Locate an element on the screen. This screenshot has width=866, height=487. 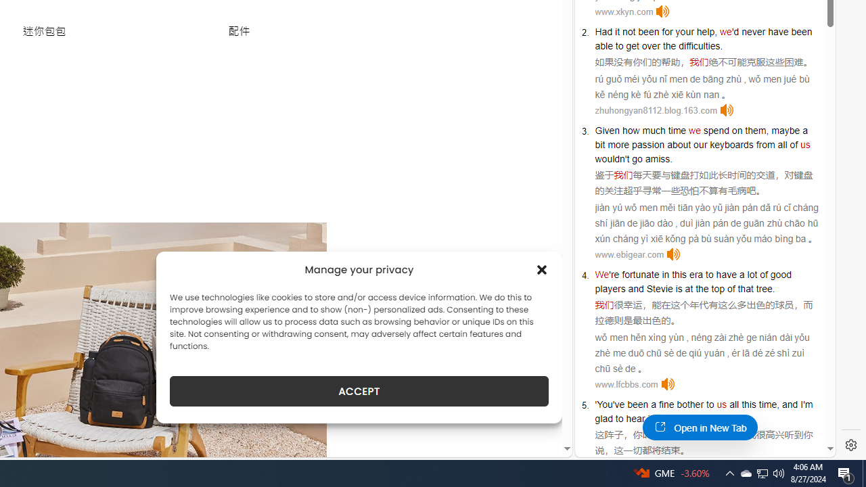
'all' is located at coordinates (733, 403).